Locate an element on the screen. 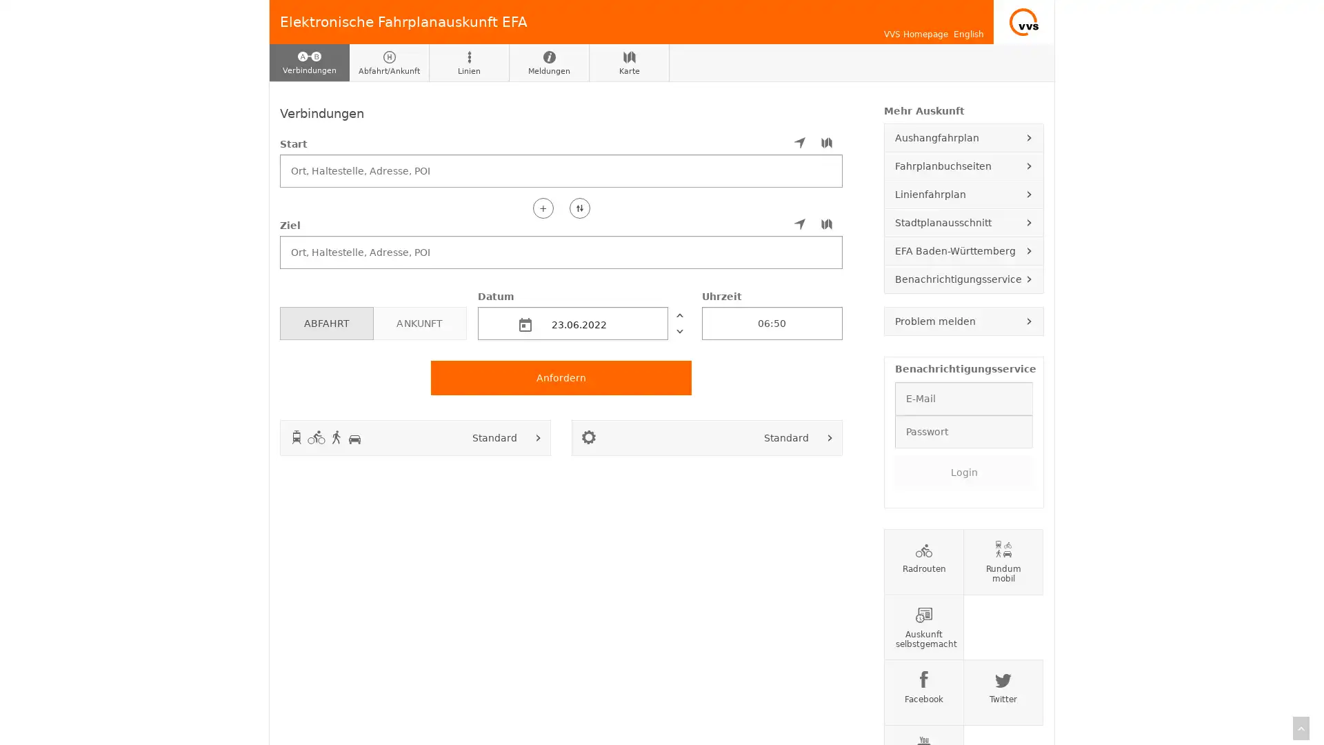  ANKUNFT is located at coordinates (419, 322).